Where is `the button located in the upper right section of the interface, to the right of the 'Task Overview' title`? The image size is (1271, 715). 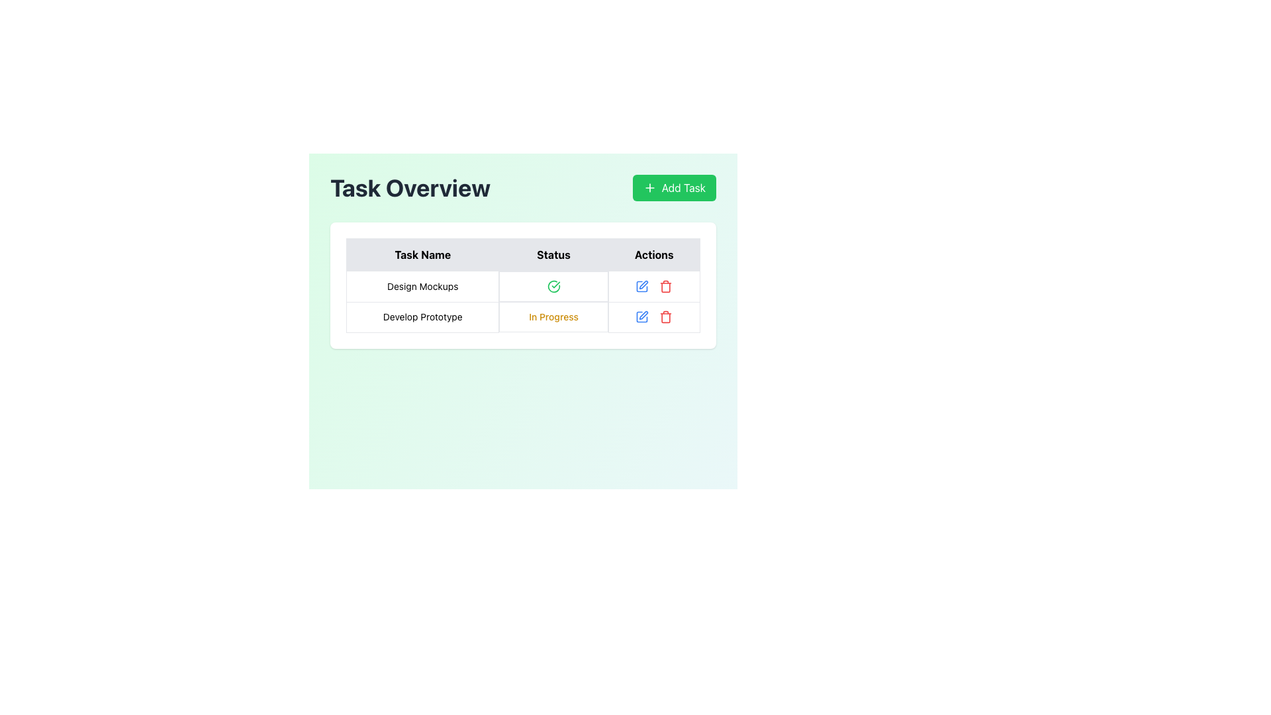
the button located in the upper right section of the interface, to the right of the 'Task Overview' title is located at coordinates (683, 188).